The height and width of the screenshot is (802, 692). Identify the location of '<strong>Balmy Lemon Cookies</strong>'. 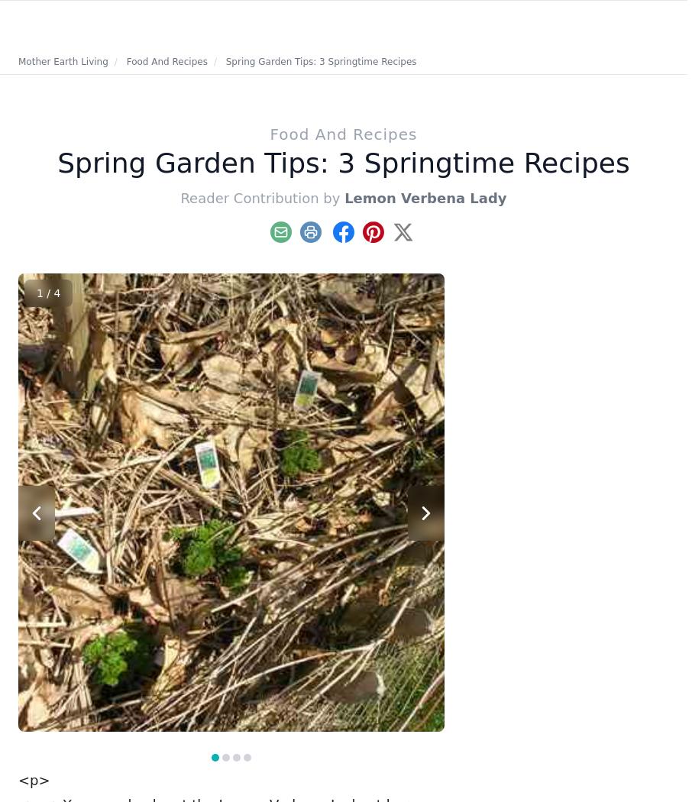
(162, 652).